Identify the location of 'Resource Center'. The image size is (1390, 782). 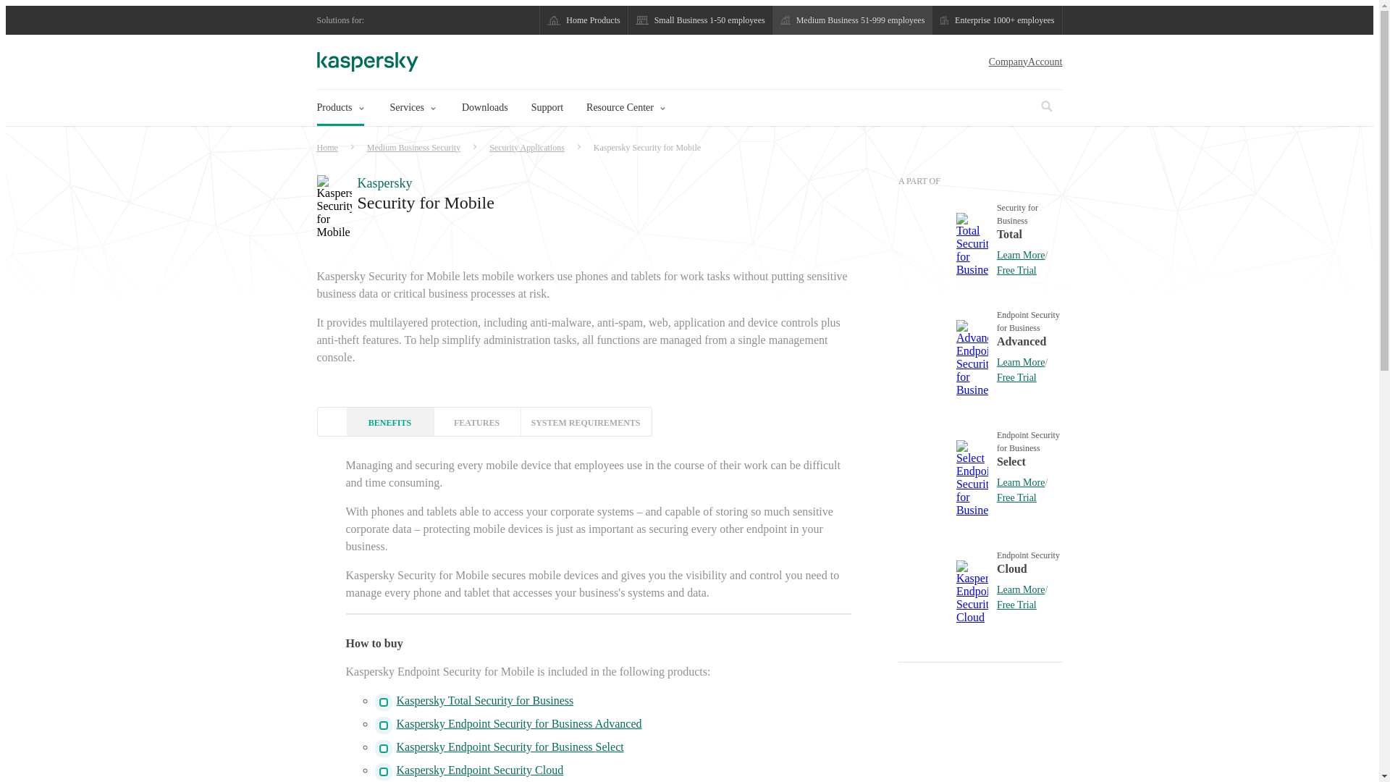
(586, 107).